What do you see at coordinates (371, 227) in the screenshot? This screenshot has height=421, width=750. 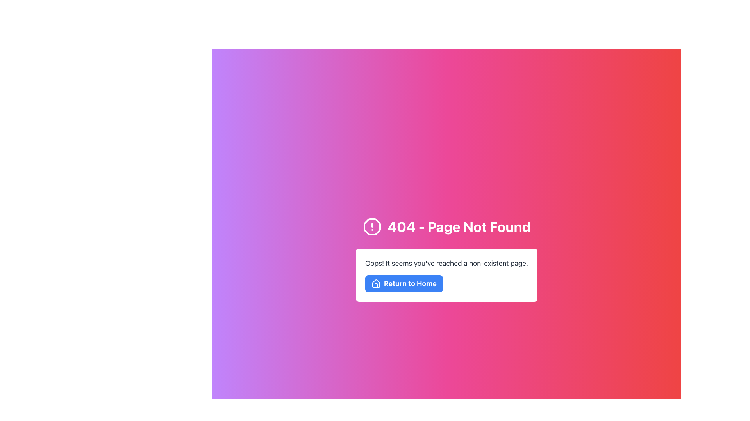 I see `the SVG Icon that visually indicates an alert or warning, located near the '404 - Page Not Found' message` at bounding box center [371, 227].